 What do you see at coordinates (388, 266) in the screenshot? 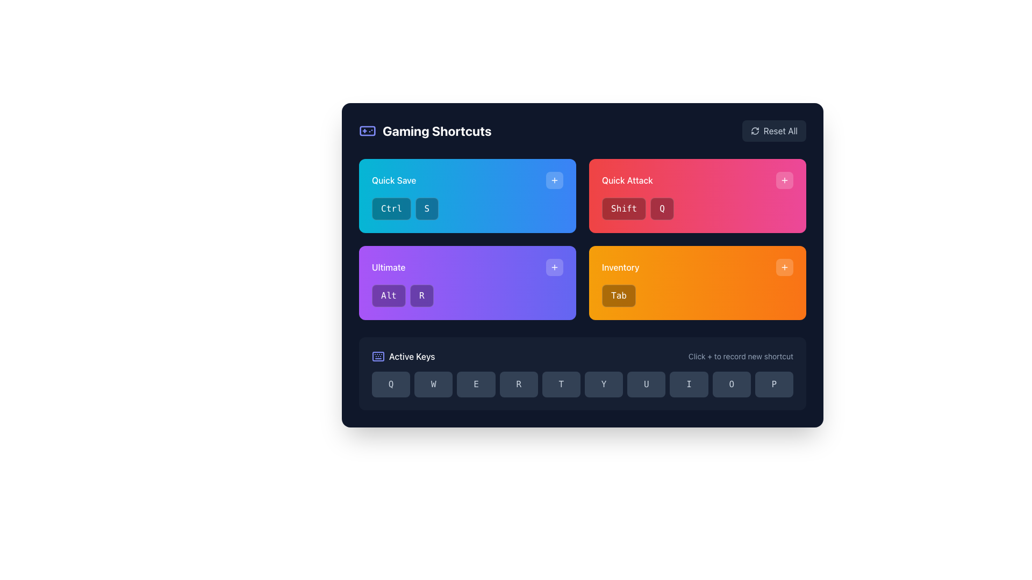
I see `the text label that serves as a header for the 'Ultimate' section, located in the lower-left quadrant of the application interface` at bounding box center [388, 266].